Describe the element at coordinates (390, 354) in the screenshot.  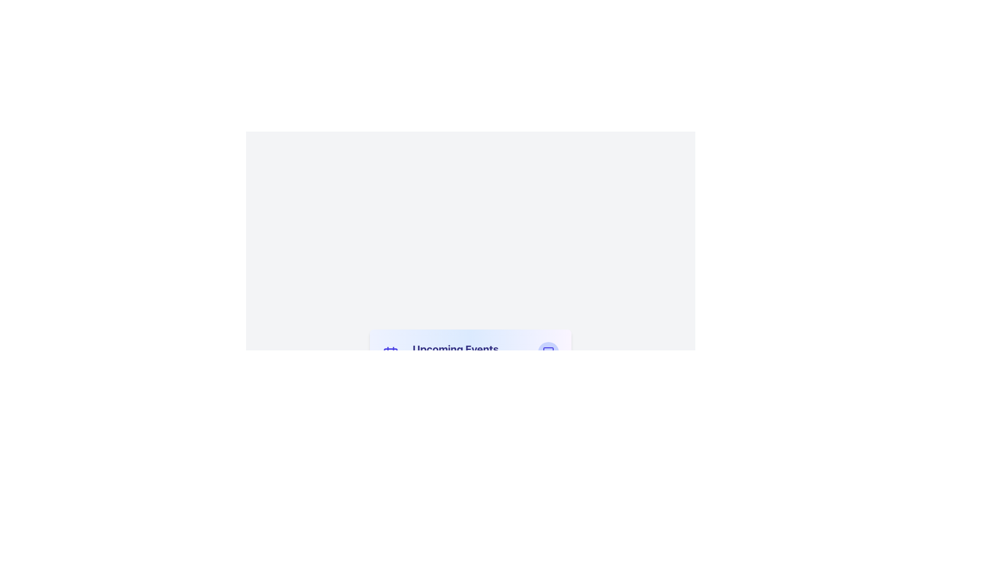
I see `the calendar icon located to the left of the 'Upcoming Events' text block, which serves a decorative or visual cue purpose` at that location.